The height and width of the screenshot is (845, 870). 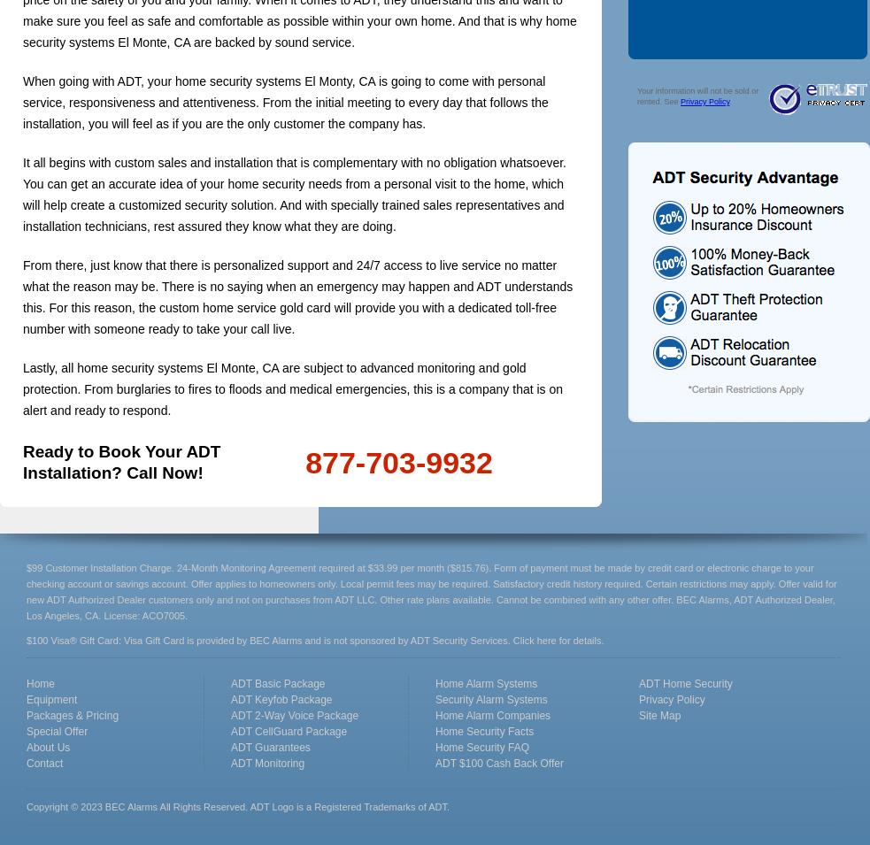 What do you see at coordinates (484, 732) in the screenshot?
I see `'Home Security Facts'` at bounding box center [484, 732].